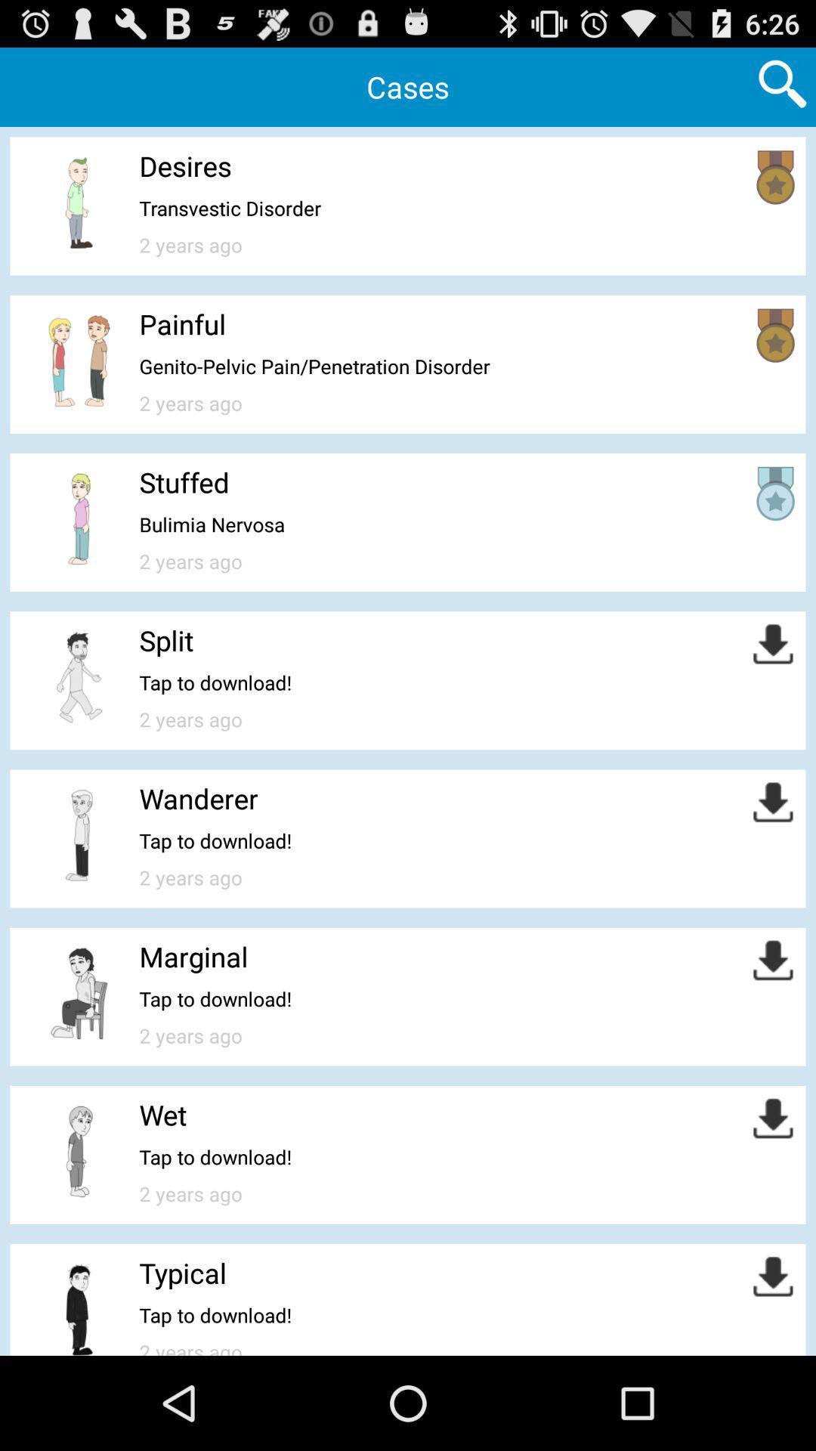 Image resolution: width=816 pixels, height=1451 pixels. What do you see at coordinates (314, 366) in the screenshot?
I see `item below the painful` at bounding box center [314, 366].